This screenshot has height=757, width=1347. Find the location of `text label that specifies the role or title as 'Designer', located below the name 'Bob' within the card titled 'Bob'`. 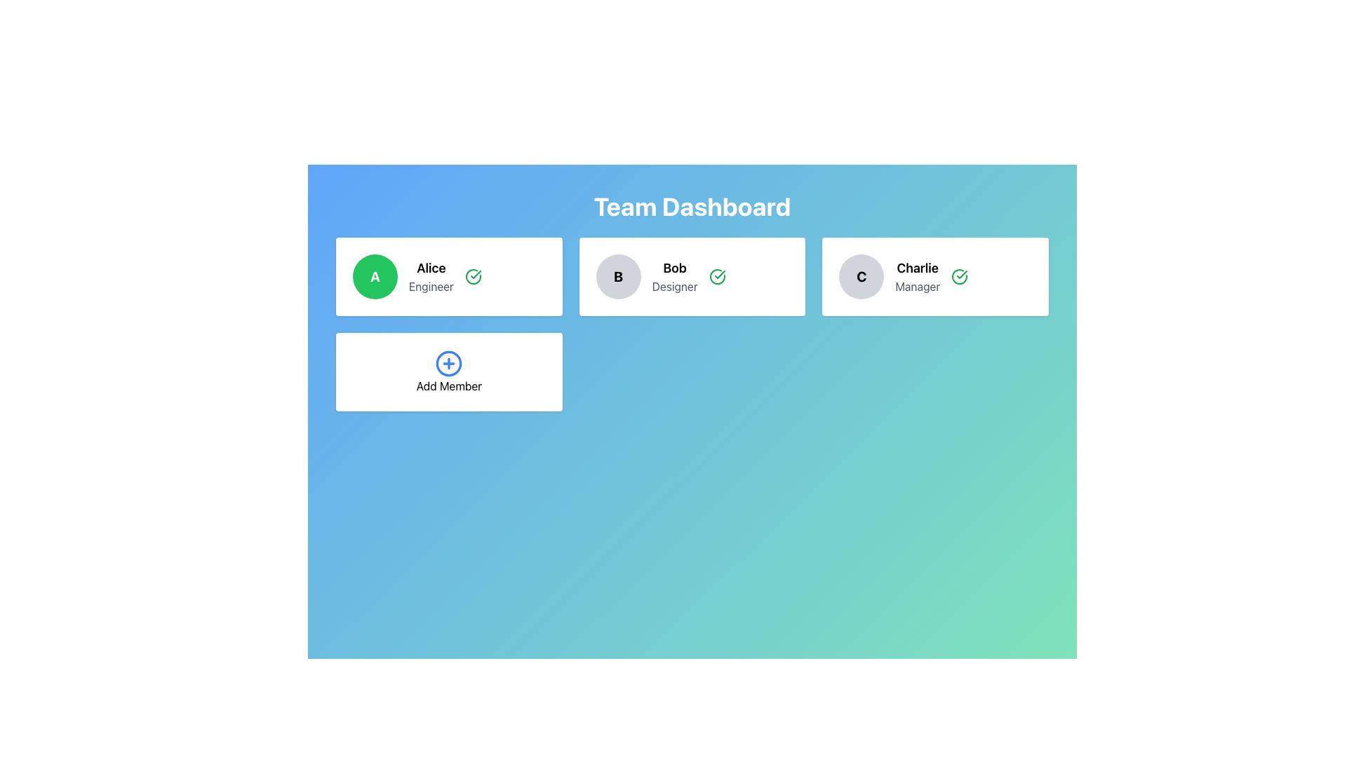

text label that specifies the role or title as 'Designer', located below the name 'Bob' within the card titled 'Bob' is located at coordinates (675, 285).